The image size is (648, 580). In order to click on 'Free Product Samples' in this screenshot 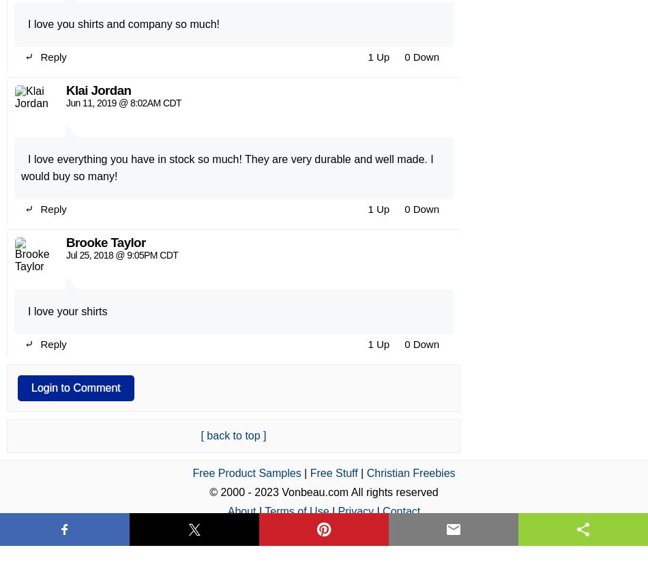, I will do `click(246, 130)`.